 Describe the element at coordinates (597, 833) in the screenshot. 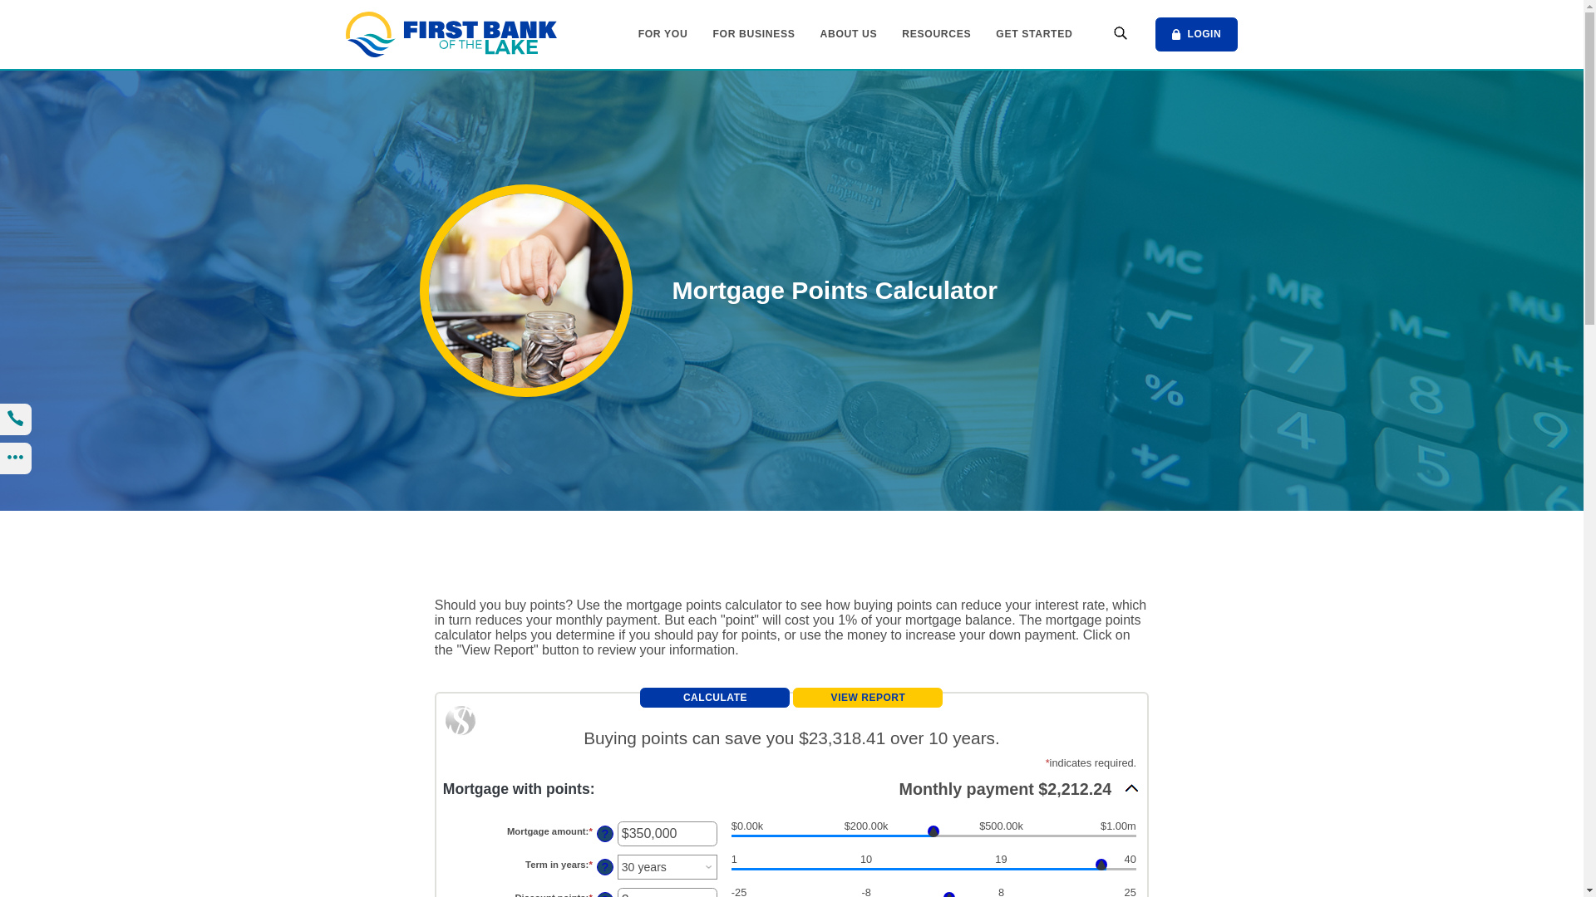

I see `'?'` at that location.